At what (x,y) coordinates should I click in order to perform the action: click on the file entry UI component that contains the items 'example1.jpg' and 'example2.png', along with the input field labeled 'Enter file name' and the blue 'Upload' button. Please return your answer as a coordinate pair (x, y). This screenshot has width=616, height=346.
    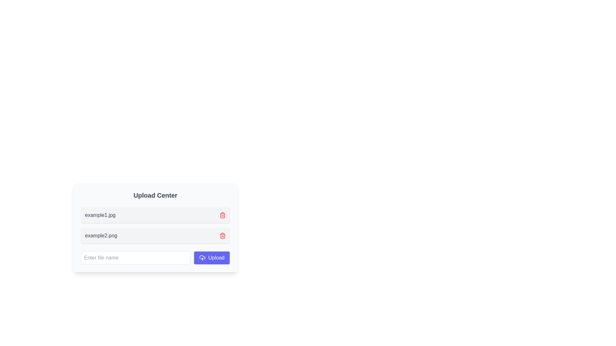
    Looking at the image, I should click on (155, 231).